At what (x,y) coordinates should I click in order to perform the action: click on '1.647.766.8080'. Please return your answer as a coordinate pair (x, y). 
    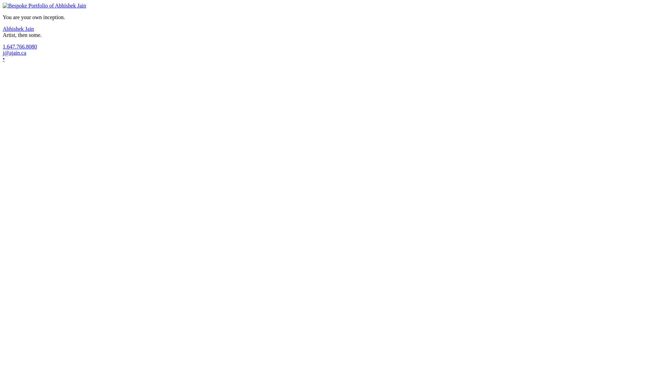
    Looking at the image, I should click on (20, 46).